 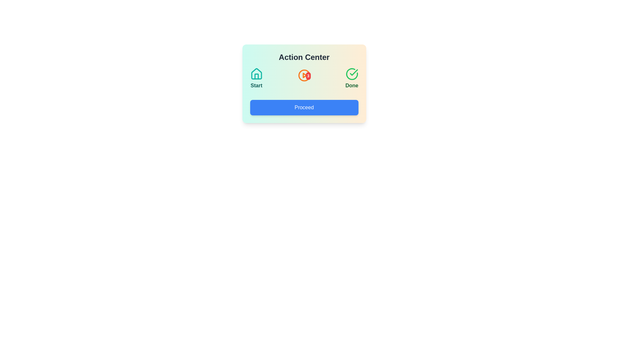 I want to click on the green circular checkmark icon representing a completed action, located in the 'Action Center' panel next to the label 'Done.', so click(x=353, y=72).